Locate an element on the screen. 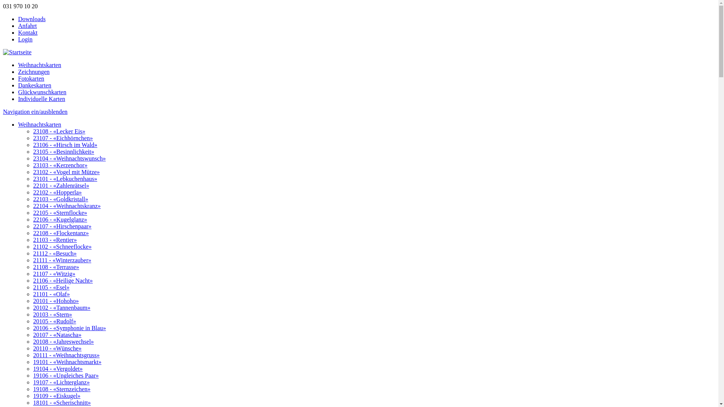  'Dankeskarten' is located at coordinates (34, 85).